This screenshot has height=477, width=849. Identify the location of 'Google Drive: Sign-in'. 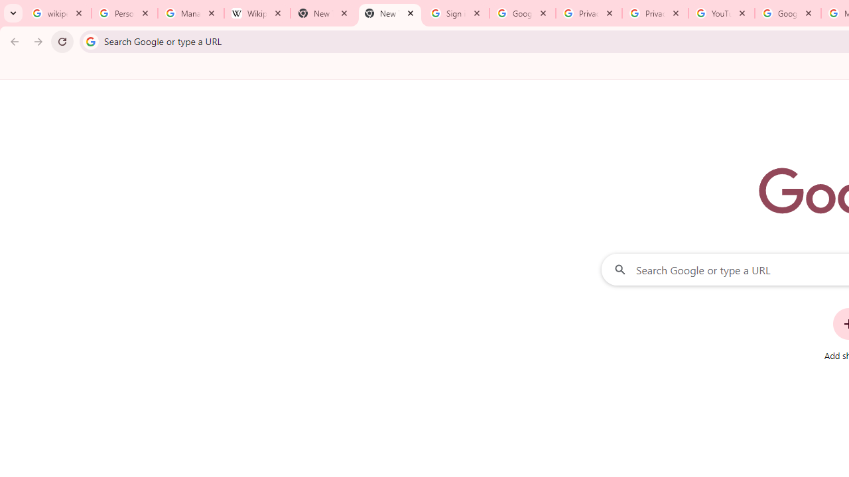
(522, 13).